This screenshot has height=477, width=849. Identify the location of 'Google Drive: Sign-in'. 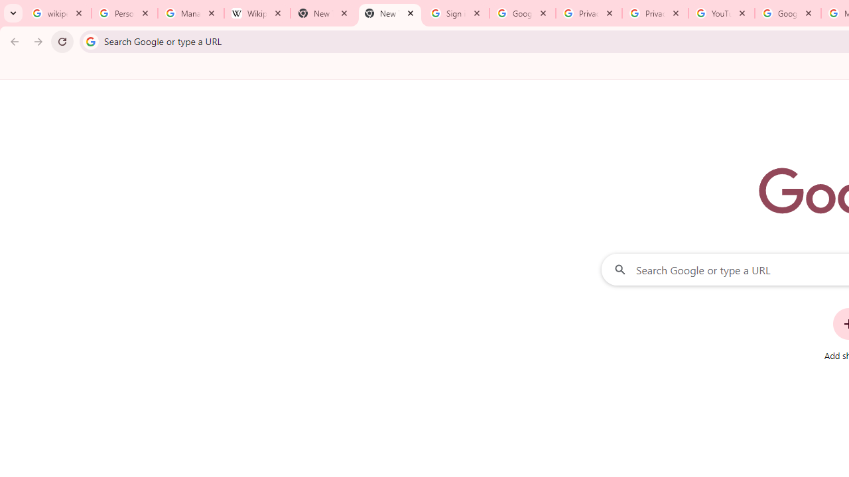
(522, 13).